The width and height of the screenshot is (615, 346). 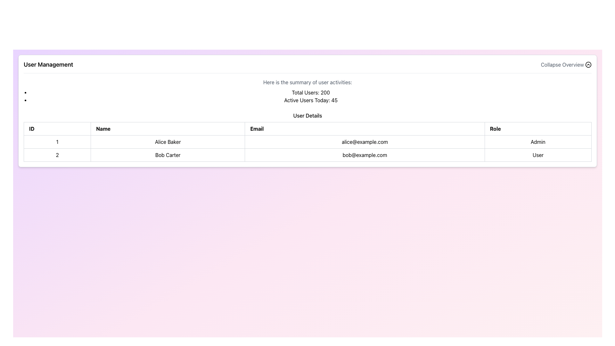 I want to click on the text label displaying 'Total Users: 200', which is the first item in a list below 'Here is the summary of user activities:' and above 'Active Users Today: 45', so click(x=311, y=93).